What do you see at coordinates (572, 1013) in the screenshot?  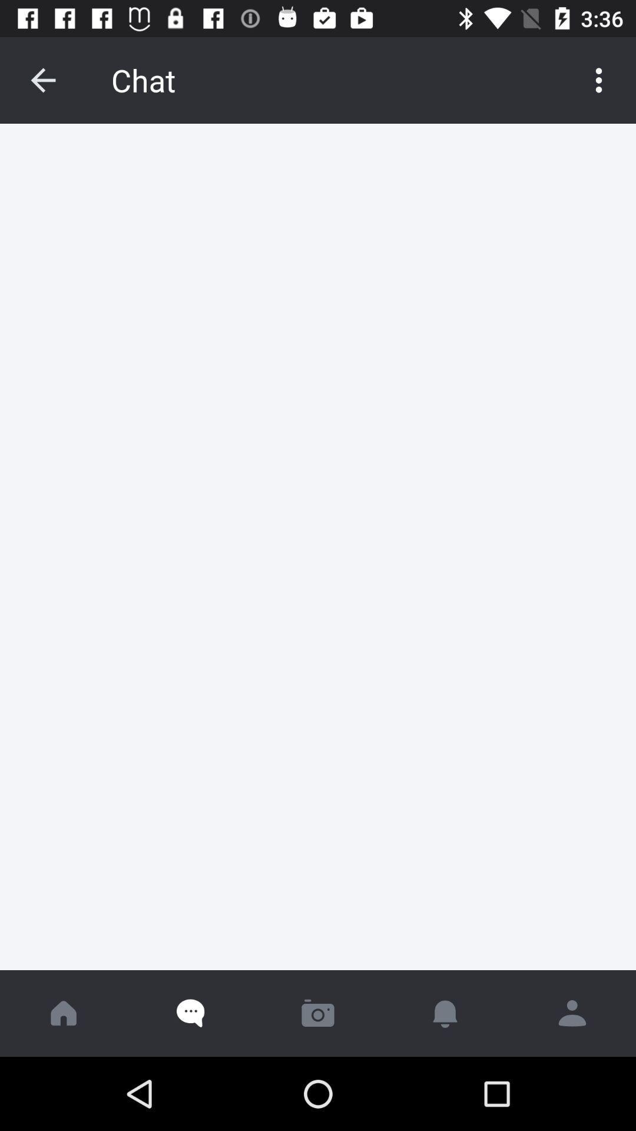 I see `the avatar icon` at bounding box center [572, 1013].